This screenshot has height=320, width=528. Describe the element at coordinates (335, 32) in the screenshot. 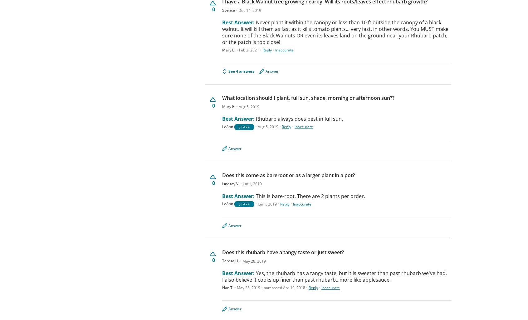

I see `'Never plant it within the canopy or less than 10 ft outside the canopy of a black walnut. It will kill them as fast as it kills tomato plants... very fast, in other words. You MUST make sure none of the Black Walnuts OR even its leaves land on the ground near your Rhubarb patch, or the patch is too close!'` at that location.